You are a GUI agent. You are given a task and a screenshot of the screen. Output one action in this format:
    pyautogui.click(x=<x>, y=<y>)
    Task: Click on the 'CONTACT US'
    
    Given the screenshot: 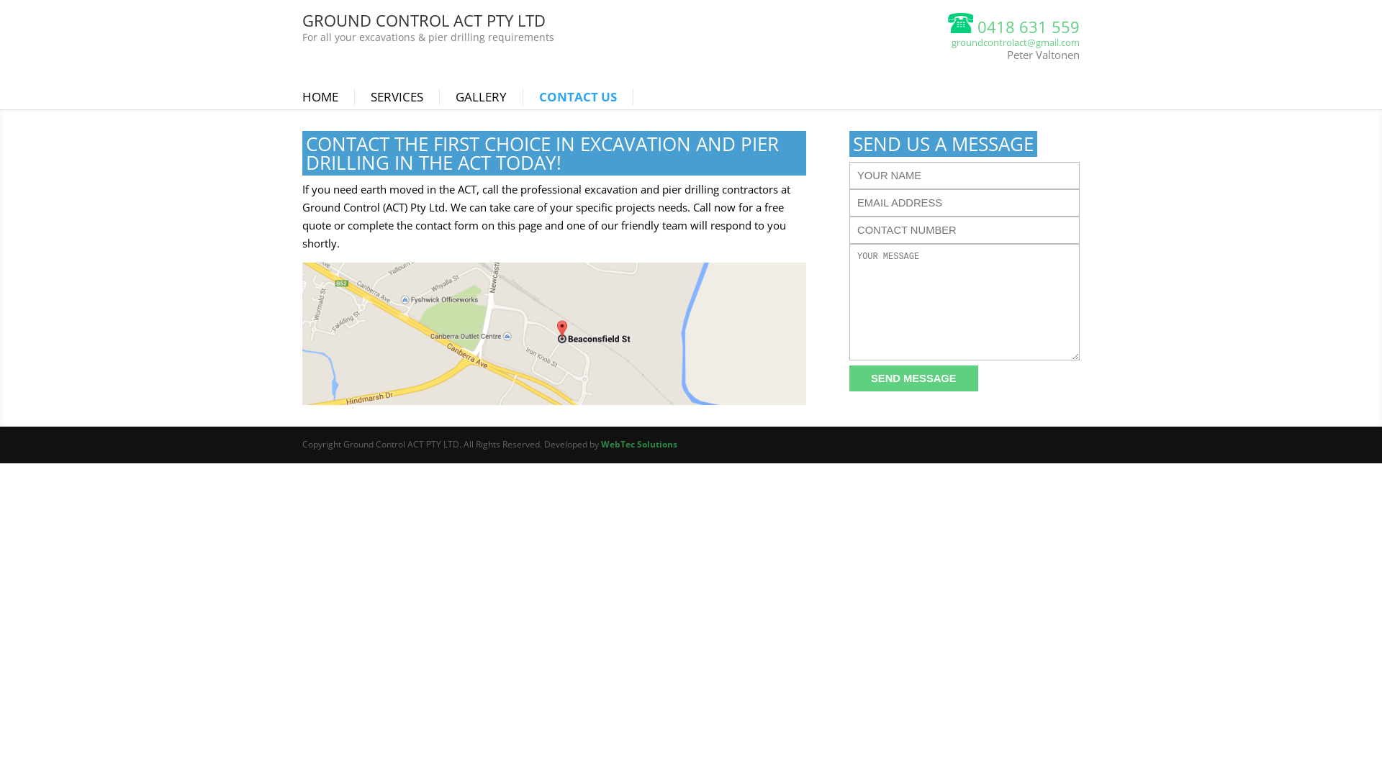 What is the action you would take?
    pyautogui.click(x=586, y=96)
    